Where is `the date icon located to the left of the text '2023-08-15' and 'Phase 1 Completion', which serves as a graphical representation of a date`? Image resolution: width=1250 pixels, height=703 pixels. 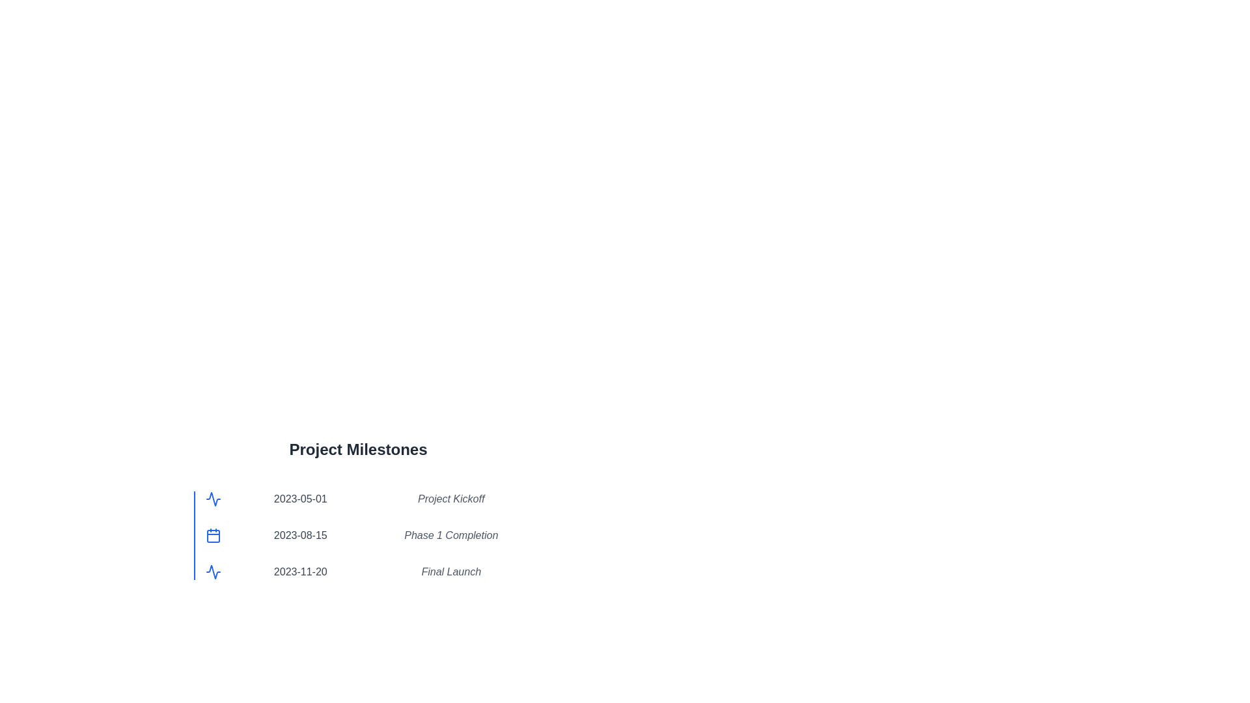
the date icon located to the left of the text '2023-08-15' and 'Phase 1 Completion', which serves as a graphical representation of a date is located at coordinates (213, 535).